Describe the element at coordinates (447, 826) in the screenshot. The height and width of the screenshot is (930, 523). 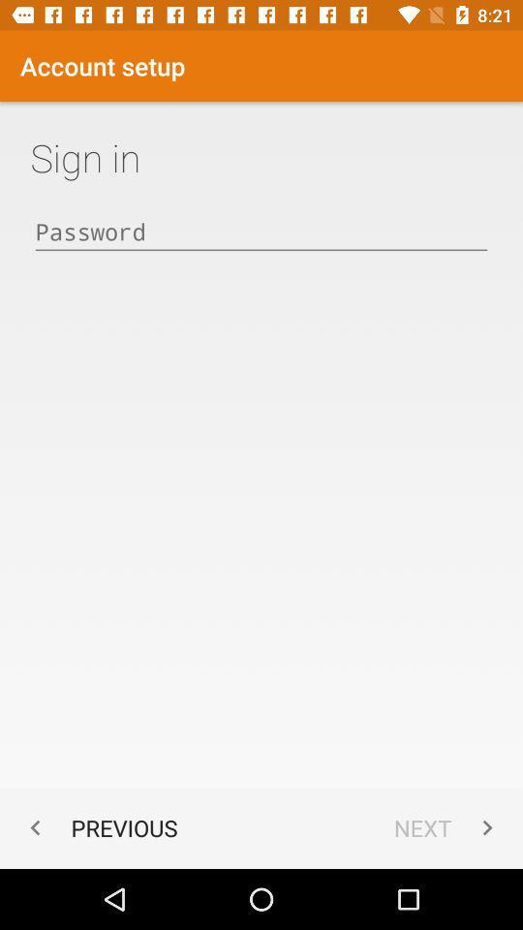
I see `app next to the previous` at that location.